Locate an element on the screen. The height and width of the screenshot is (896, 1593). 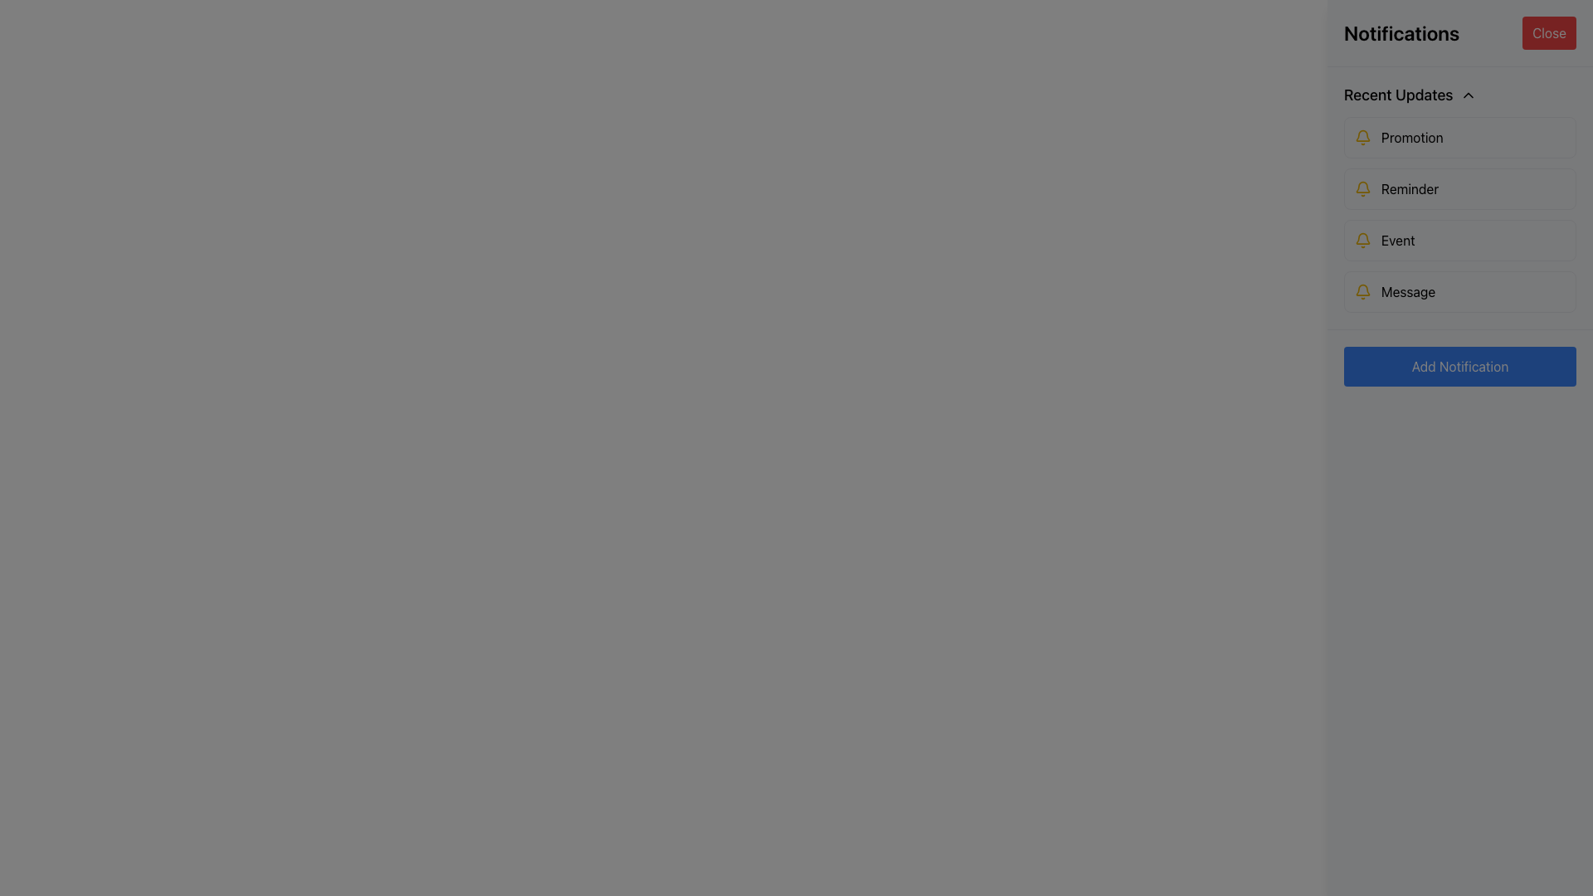
text content of the Text Label positioned below the 'Promotion', 'Reminder', and 'Event' labels in the notification section is located at coordinates (1407, 290).